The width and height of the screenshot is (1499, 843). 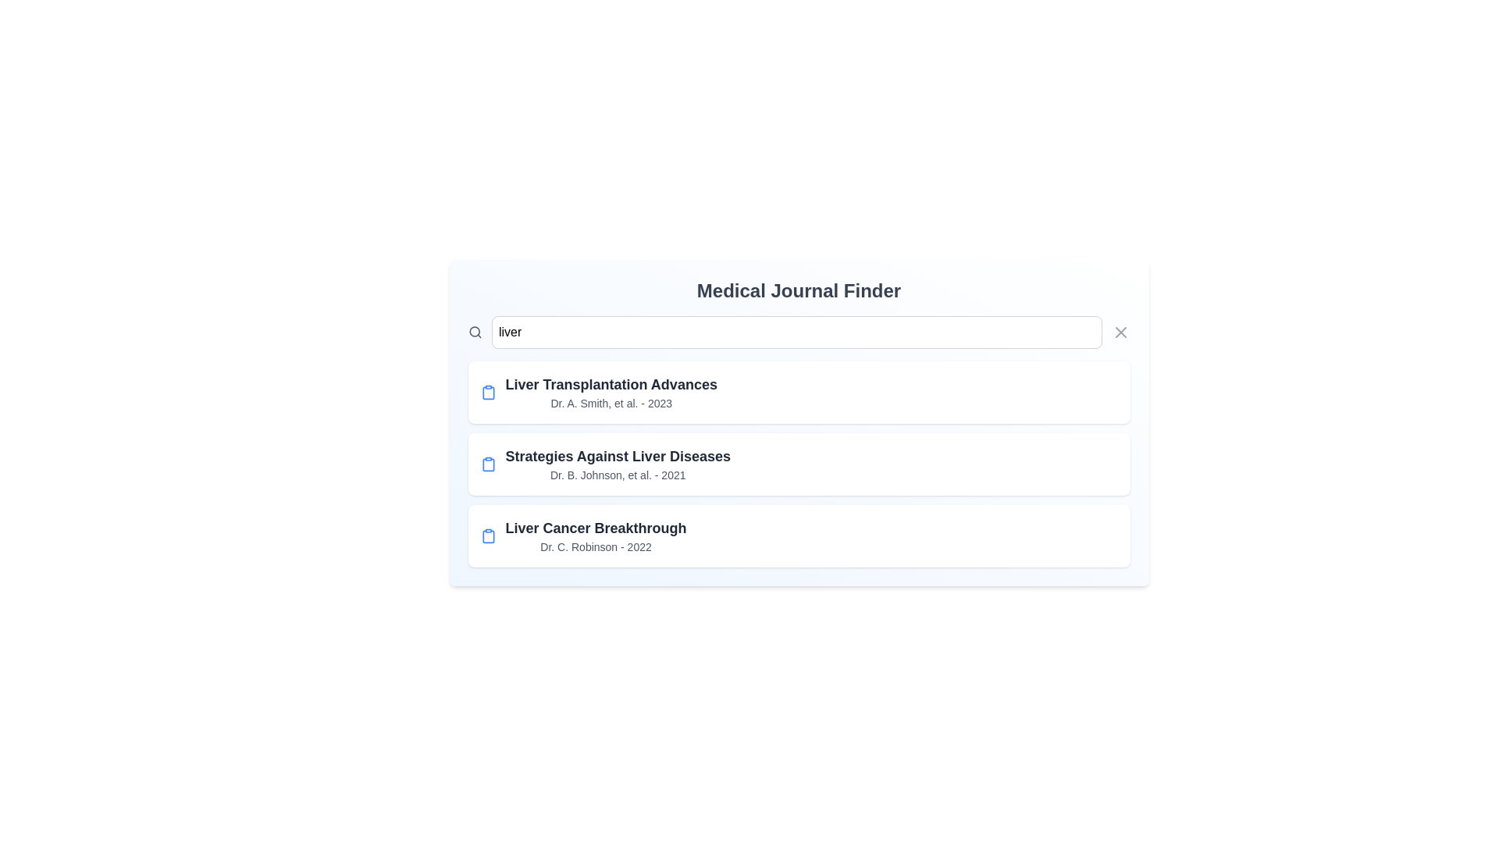 I want to click on the text label that serves as the title for the first search result entry under 'Medical Journal Finder', so click(x=611, y=385).